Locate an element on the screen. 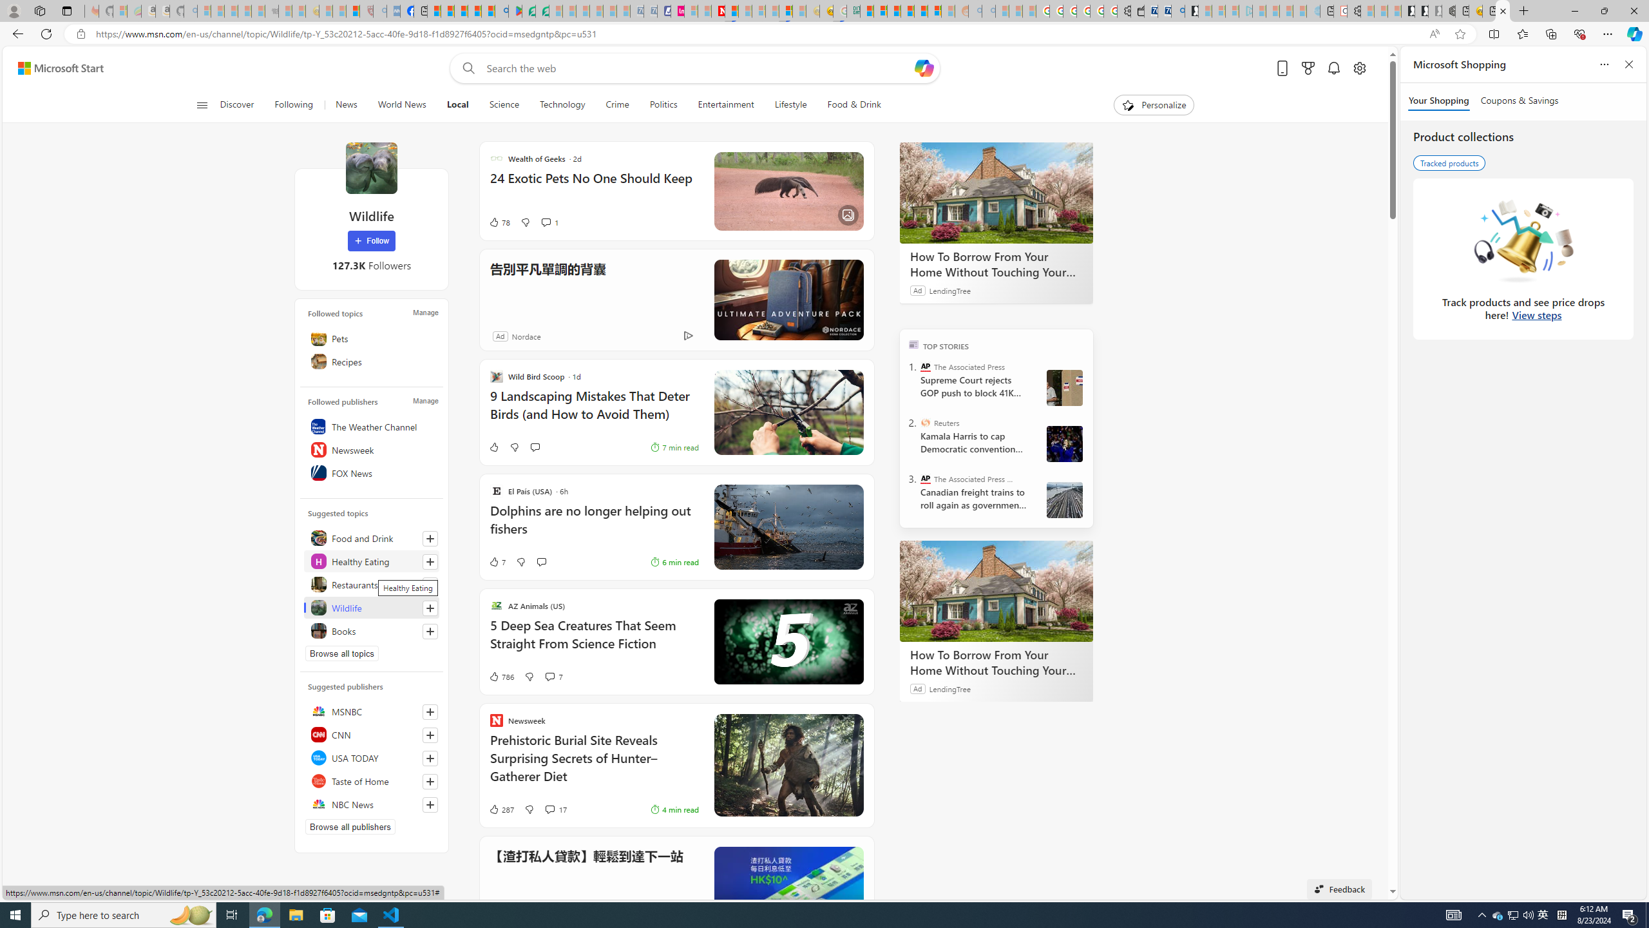 The height and width of the screenshot is (928, 1649). 'Entertainment' is located at coordinates (725, 104).